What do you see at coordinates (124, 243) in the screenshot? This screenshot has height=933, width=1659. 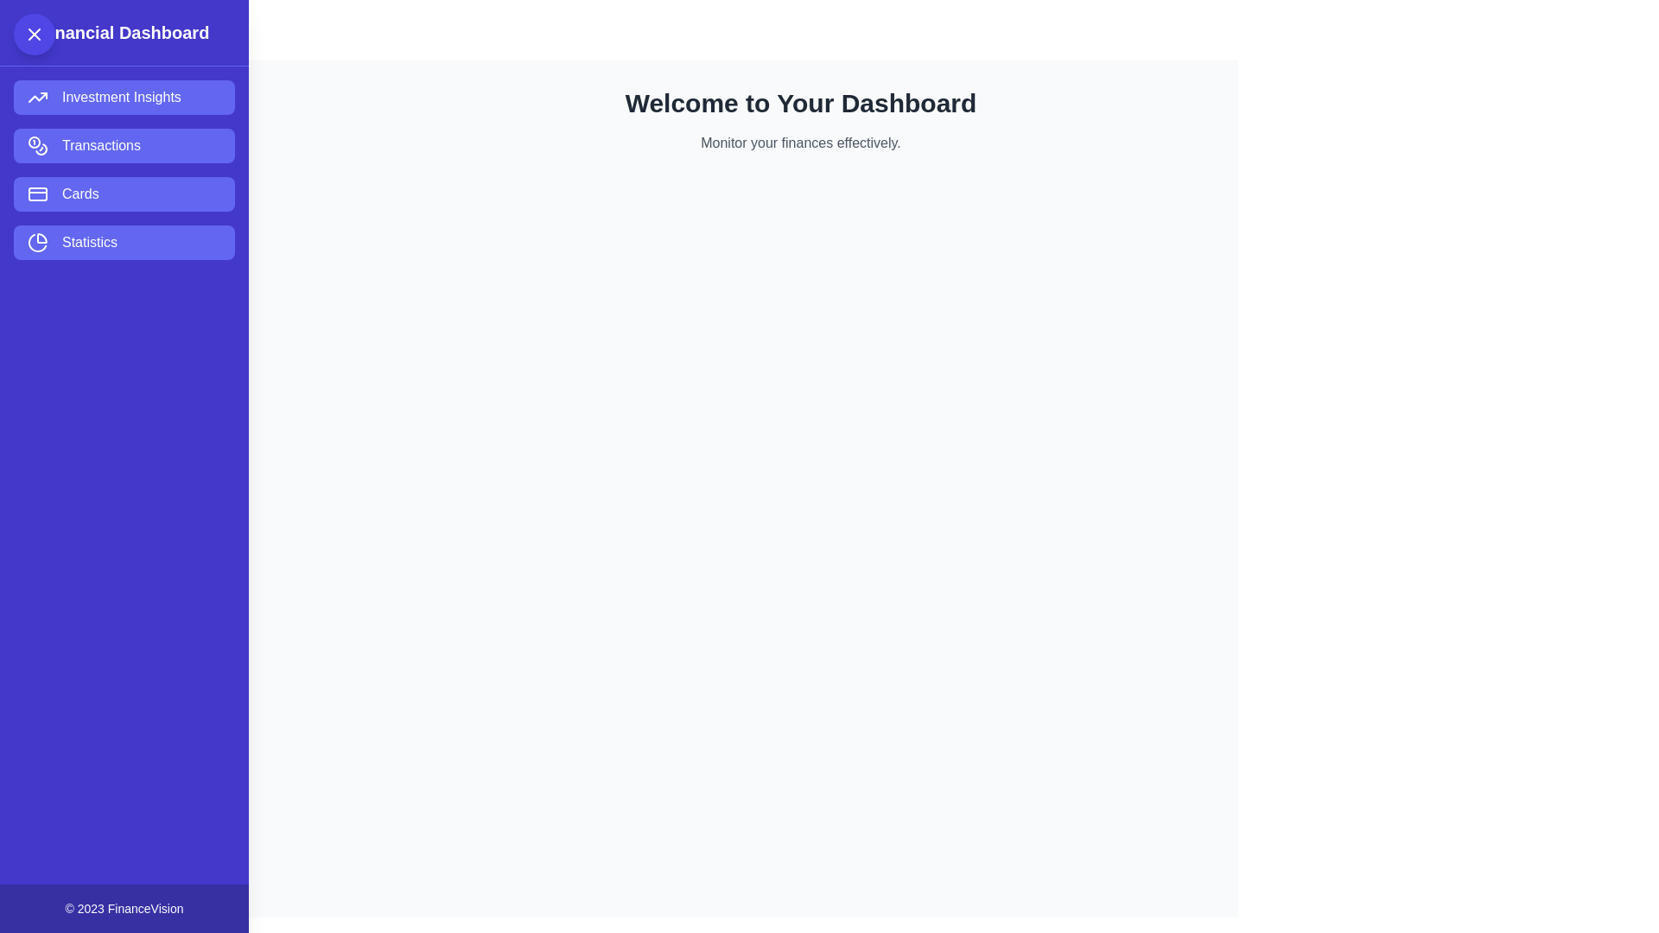 I see `keyboard navigation` at bounding box center [124, 243].